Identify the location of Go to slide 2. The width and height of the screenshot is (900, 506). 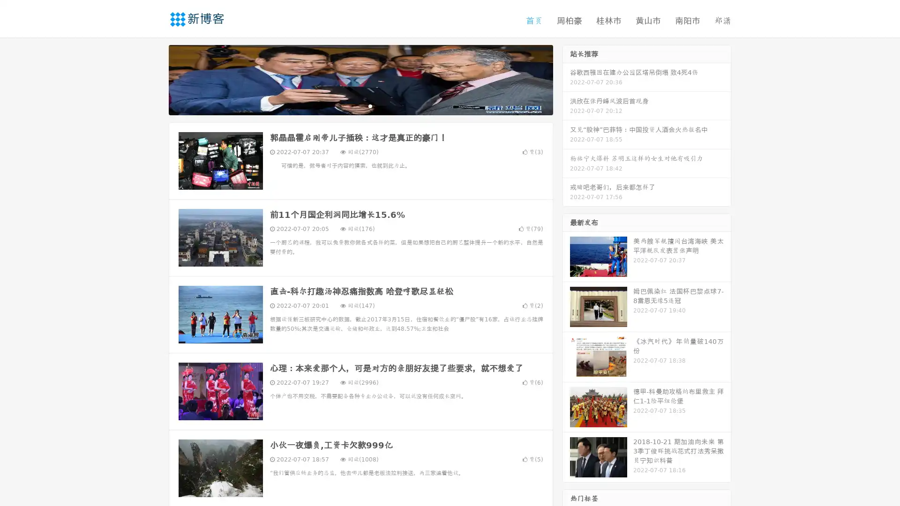
(360, 105).